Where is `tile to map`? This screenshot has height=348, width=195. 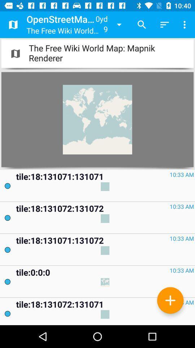 tile to map is located at coordinates (170, 300).